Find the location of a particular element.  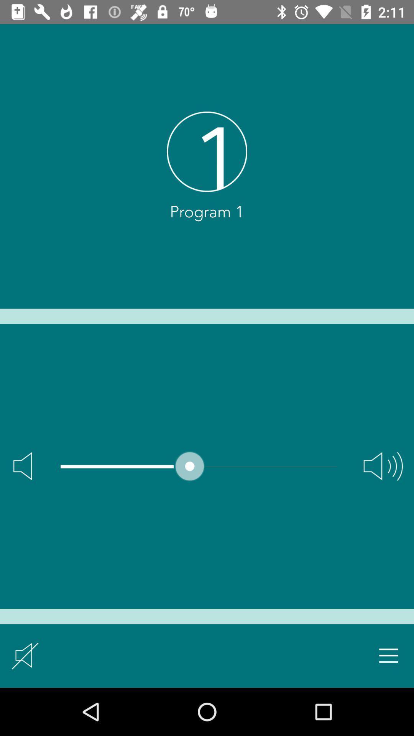

max volume is located at coordinates (383, 466).